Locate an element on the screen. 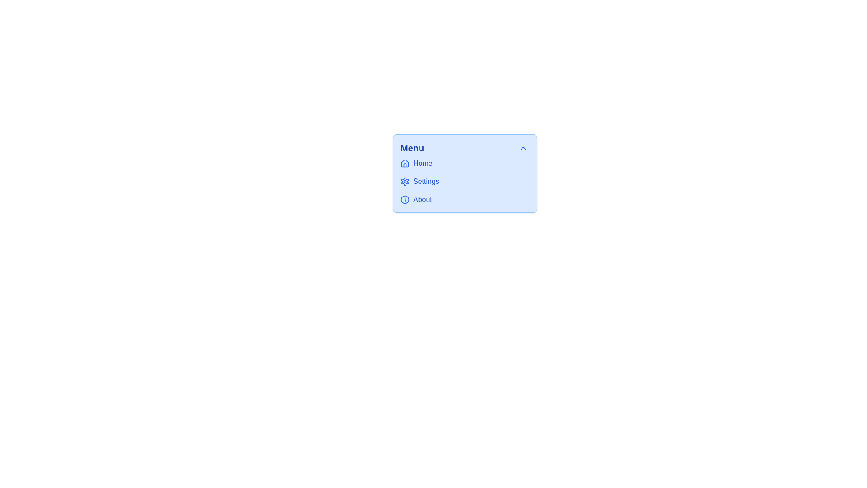 Image resolution: width=867 pixels, height=488 pixels. the 'Settings' item in the vertical menu list to highlight or select it is located at coordinates (465, 181).